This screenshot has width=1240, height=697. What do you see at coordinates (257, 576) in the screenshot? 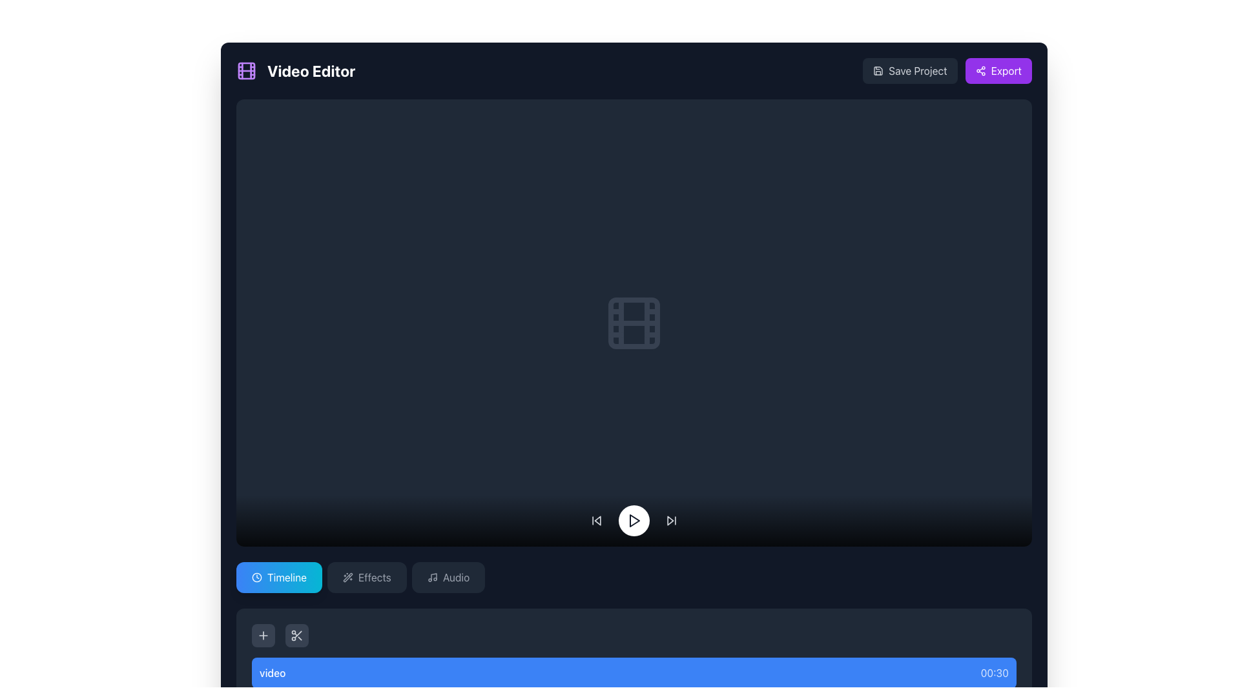
I see `the outer circular part of the clock icon, which is situated near the top-left of the 'Timeline' action button` at bounding box center [257, 576].